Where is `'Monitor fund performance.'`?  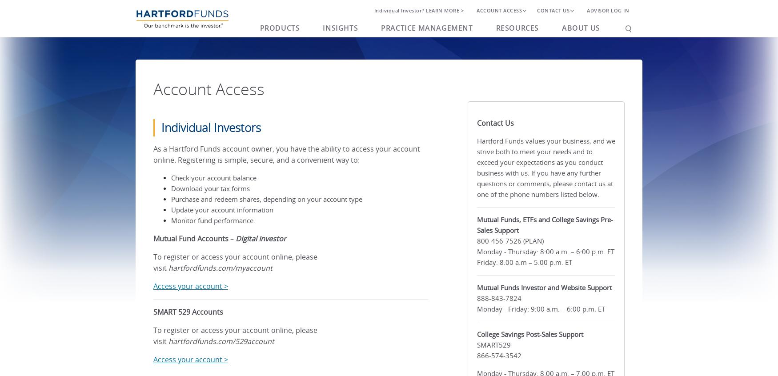
'Monitor fund performance.' is located at coordinates (213, 220).